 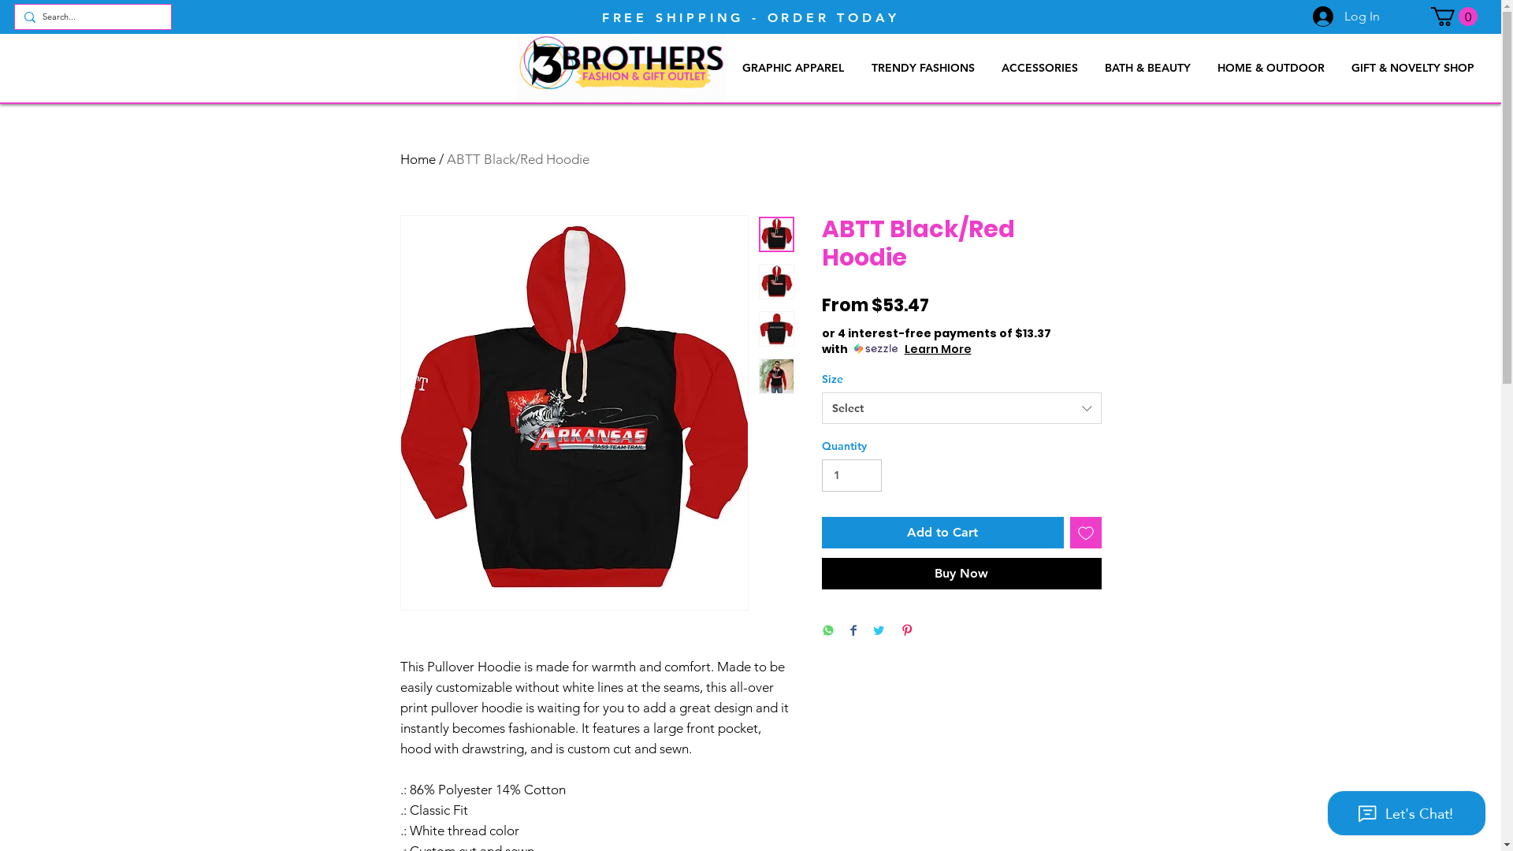 What do you see at coordinates (1453, 16) in the screenshot?
I see `'0'` at bounding box center [1453, 16].